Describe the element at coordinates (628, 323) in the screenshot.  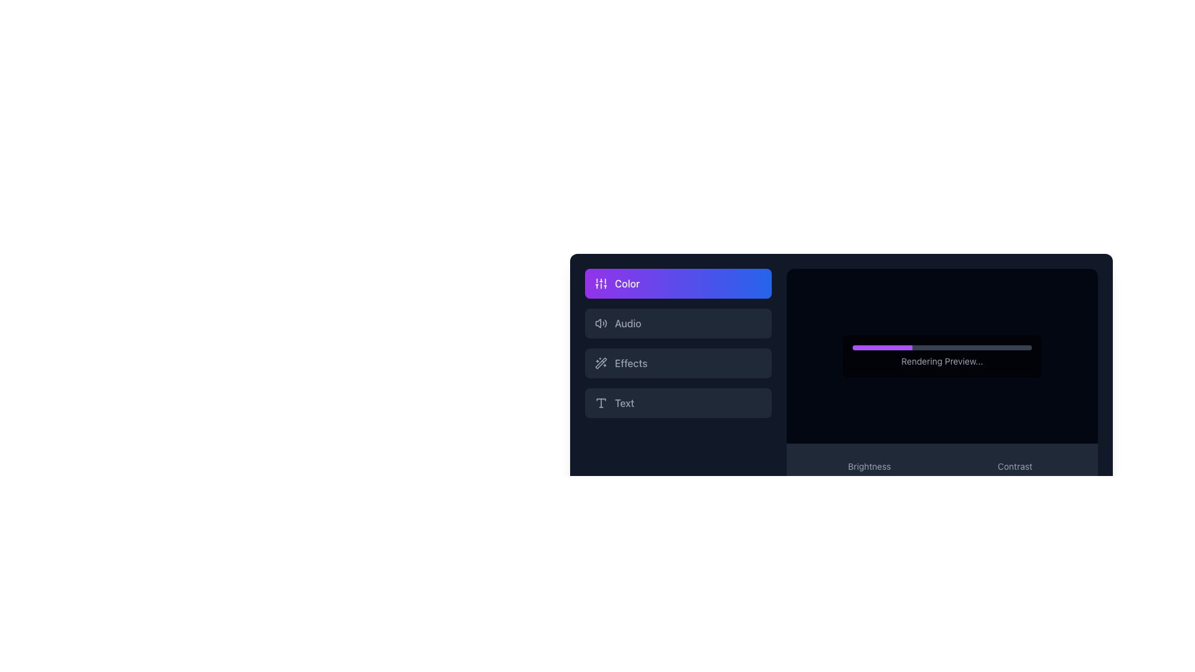
I see `the static text label representing an audio-related feature, which is located in the second menu option to the right of the audio-related icon and below the 'Color' menu option` at that location.